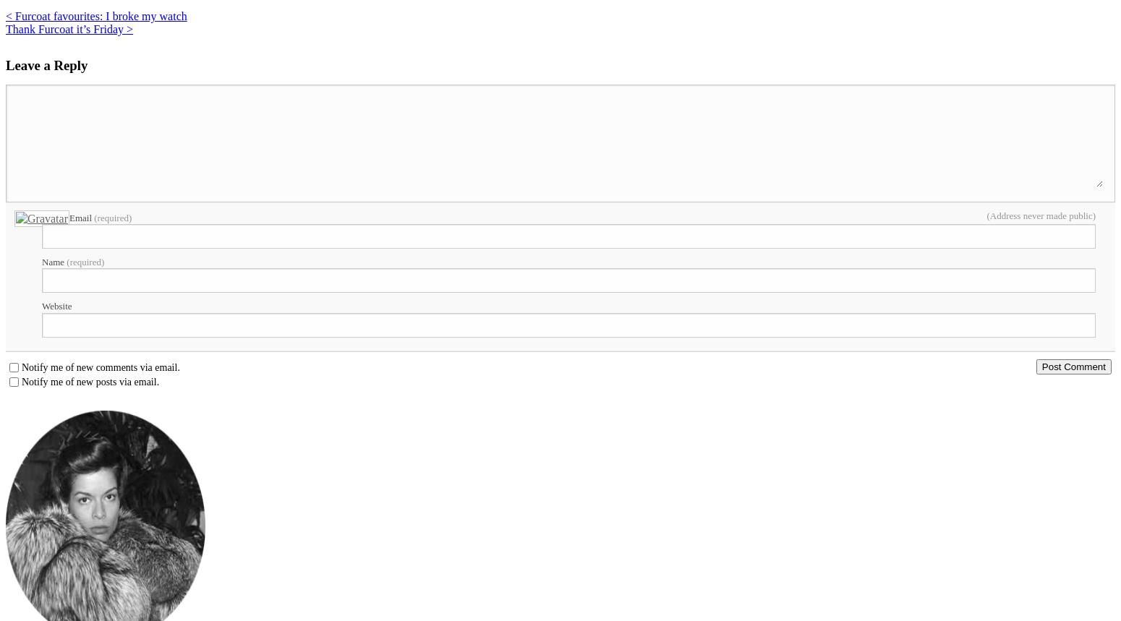 The height and width of the screenshot is (621, 1121). Describe the element at coordinates (90, 380) in the screenshot. I see `'Notify me of new posts via email.'` at that location.